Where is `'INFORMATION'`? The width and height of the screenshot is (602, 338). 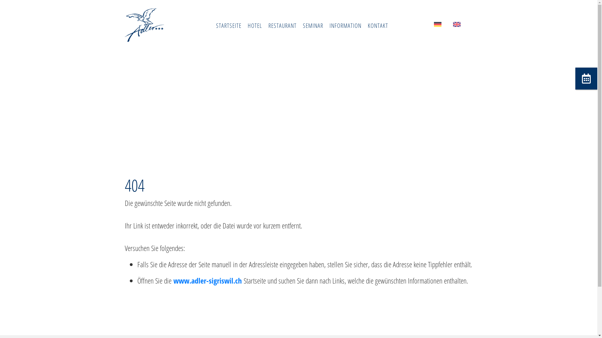
'INFORMATION' is located at coordinates (345, 25).